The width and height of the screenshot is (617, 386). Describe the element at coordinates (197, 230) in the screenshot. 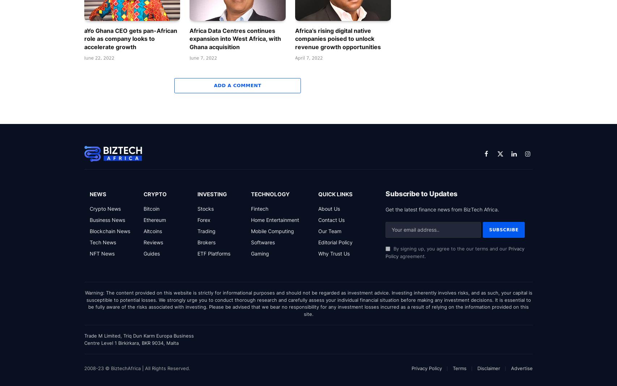

I see `'Trading'` at that location.